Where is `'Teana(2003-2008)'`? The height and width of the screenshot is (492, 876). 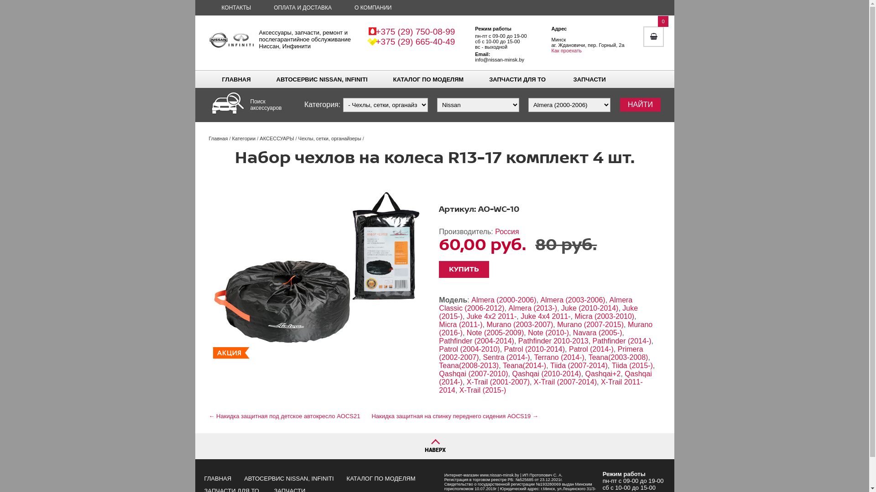 'Teana(2003-2008)' is located at coordinates (618, 357).